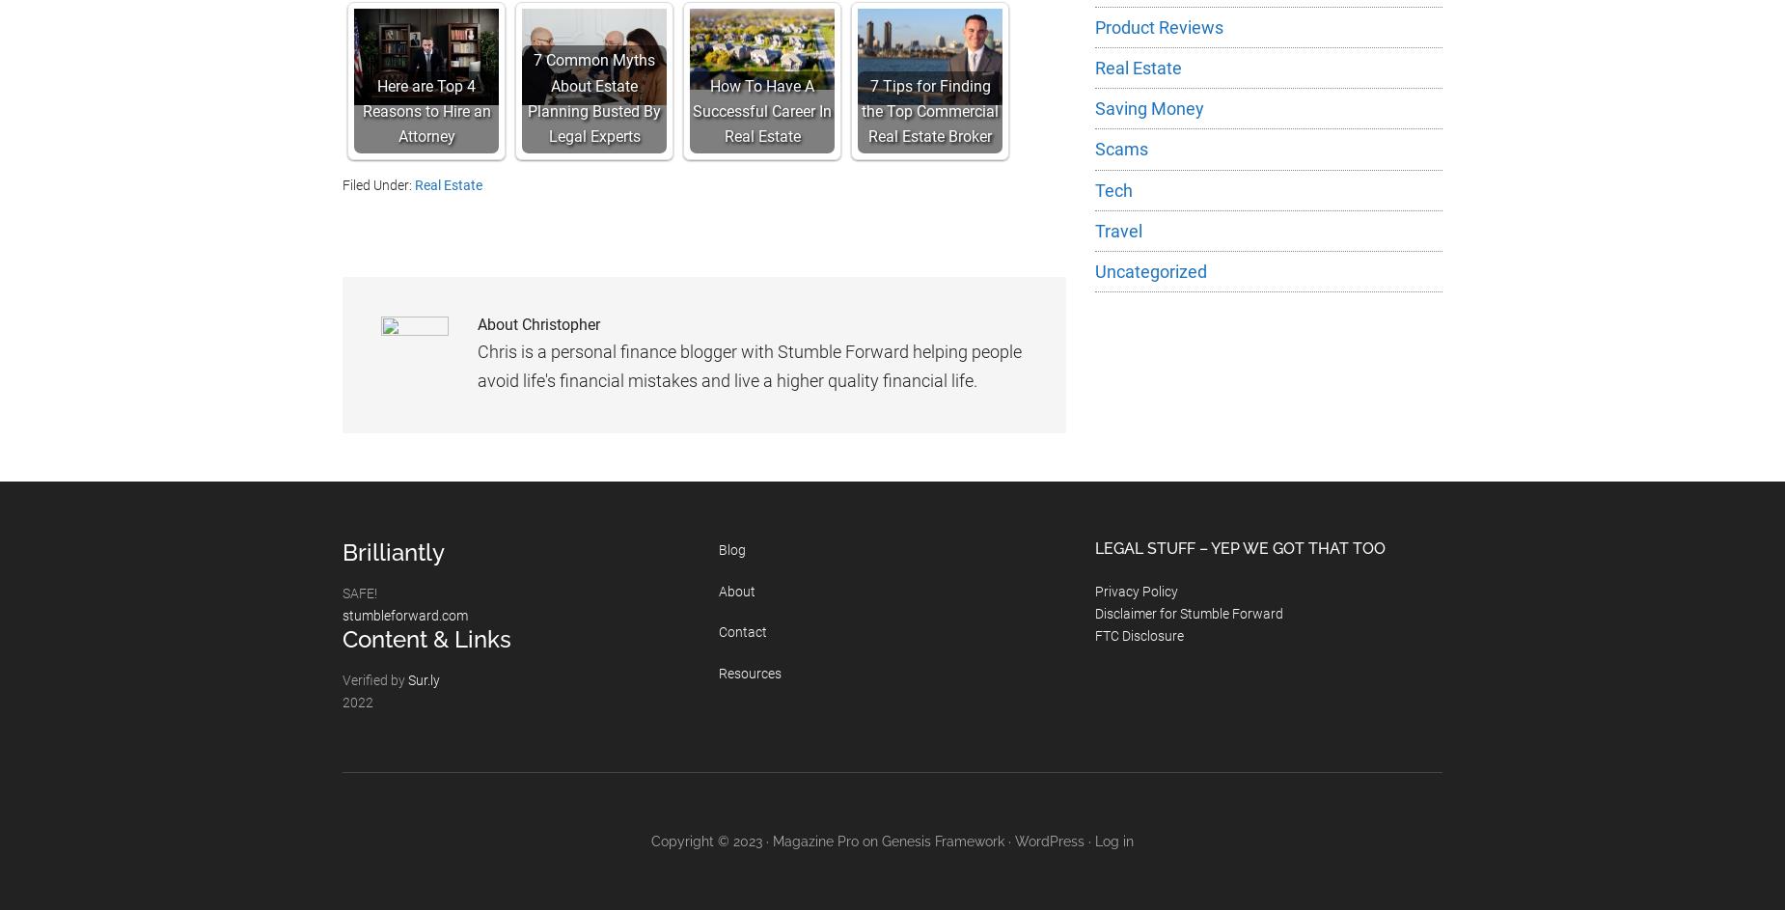 The height and width of the screenshot is (910, 1785). I want to click on 'Genesis Framework', so click(882, 840).